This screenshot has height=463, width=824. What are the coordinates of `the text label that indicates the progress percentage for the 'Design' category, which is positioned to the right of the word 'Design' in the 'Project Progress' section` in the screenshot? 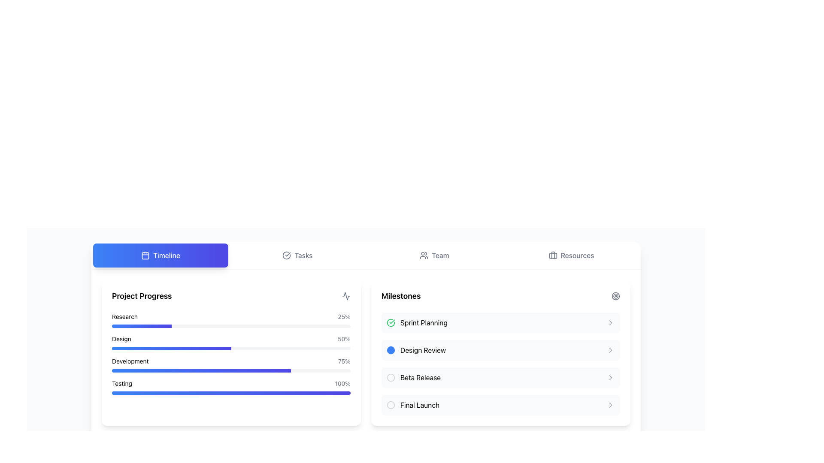 It's located at (344, 338).